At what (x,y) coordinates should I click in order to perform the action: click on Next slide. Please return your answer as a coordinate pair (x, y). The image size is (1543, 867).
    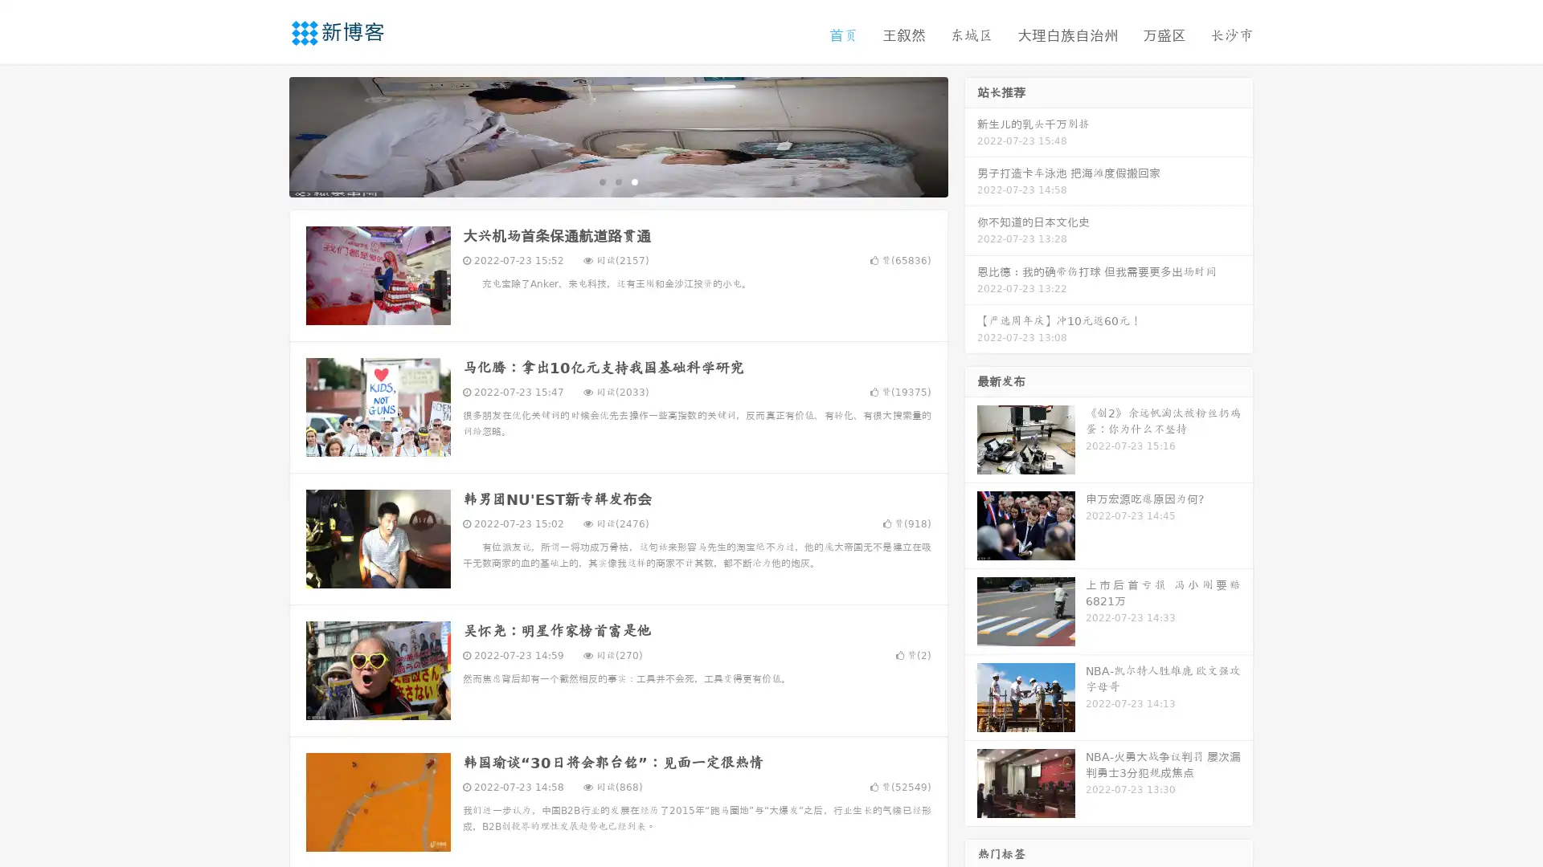
    Looking at the image, I should click on (971, 135).